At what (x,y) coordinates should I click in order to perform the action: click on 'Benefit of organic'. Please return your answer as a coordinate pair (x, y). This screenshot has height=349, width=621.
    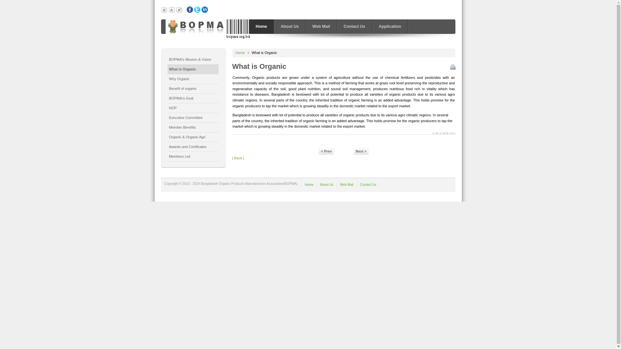
    Looking at the image, I should click on (168, 89).